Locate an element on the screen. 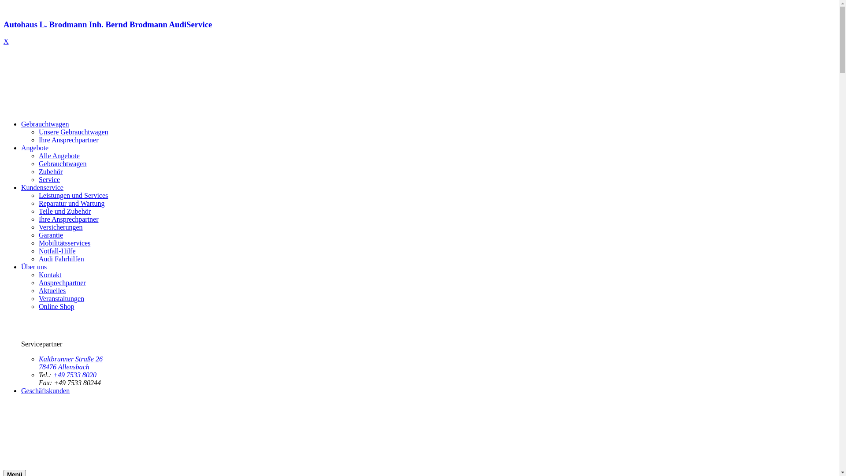 Image resolution: width=846 pixels, height=476 pixels. 'Online Shop' is located at coordinates (56, 306).